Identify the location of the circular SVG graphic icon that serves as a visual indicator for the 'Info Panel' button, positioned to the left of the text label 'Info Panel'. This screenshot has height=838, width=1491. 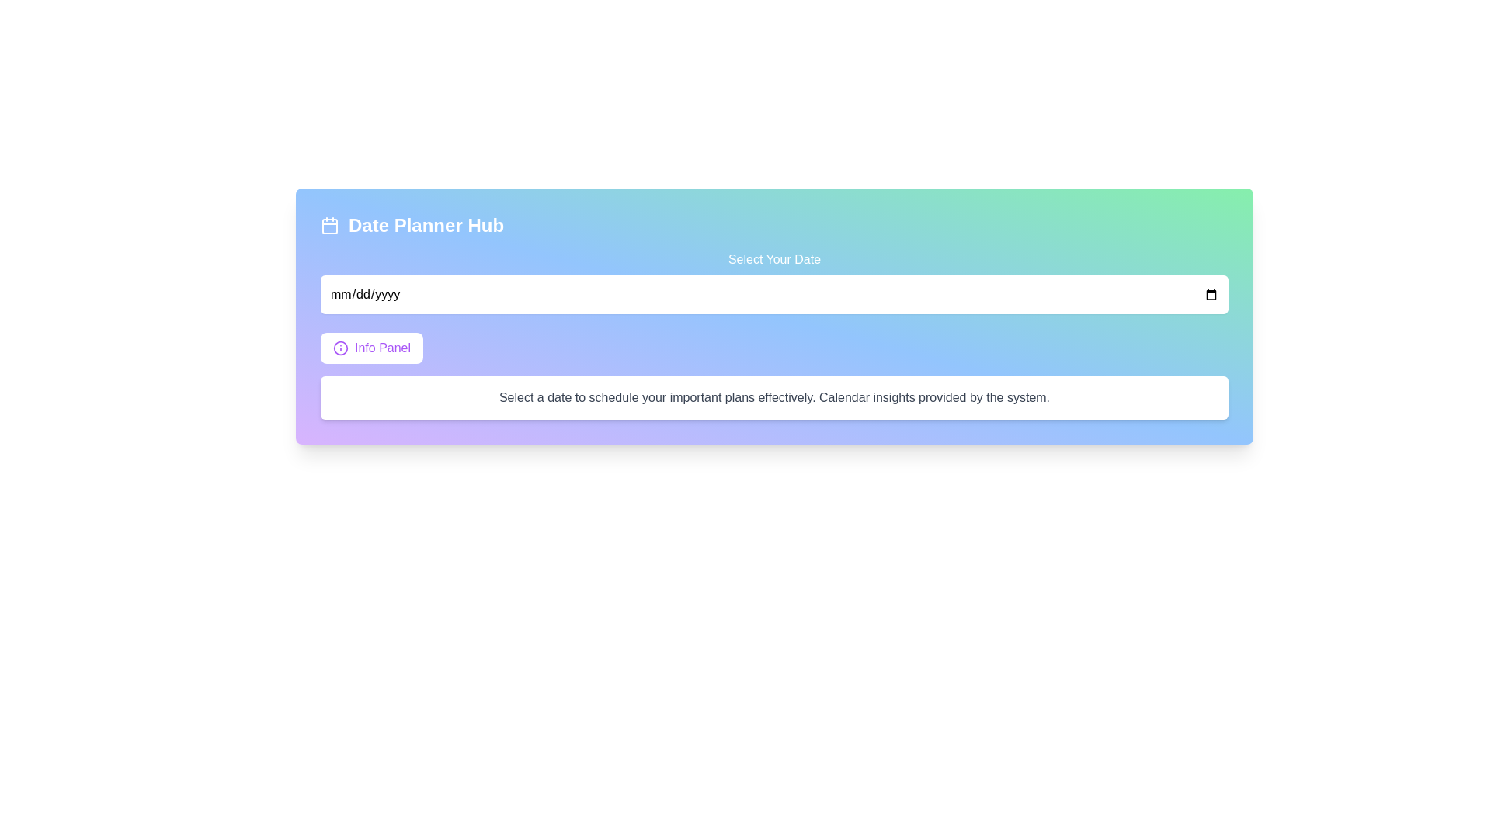
(339, 347).